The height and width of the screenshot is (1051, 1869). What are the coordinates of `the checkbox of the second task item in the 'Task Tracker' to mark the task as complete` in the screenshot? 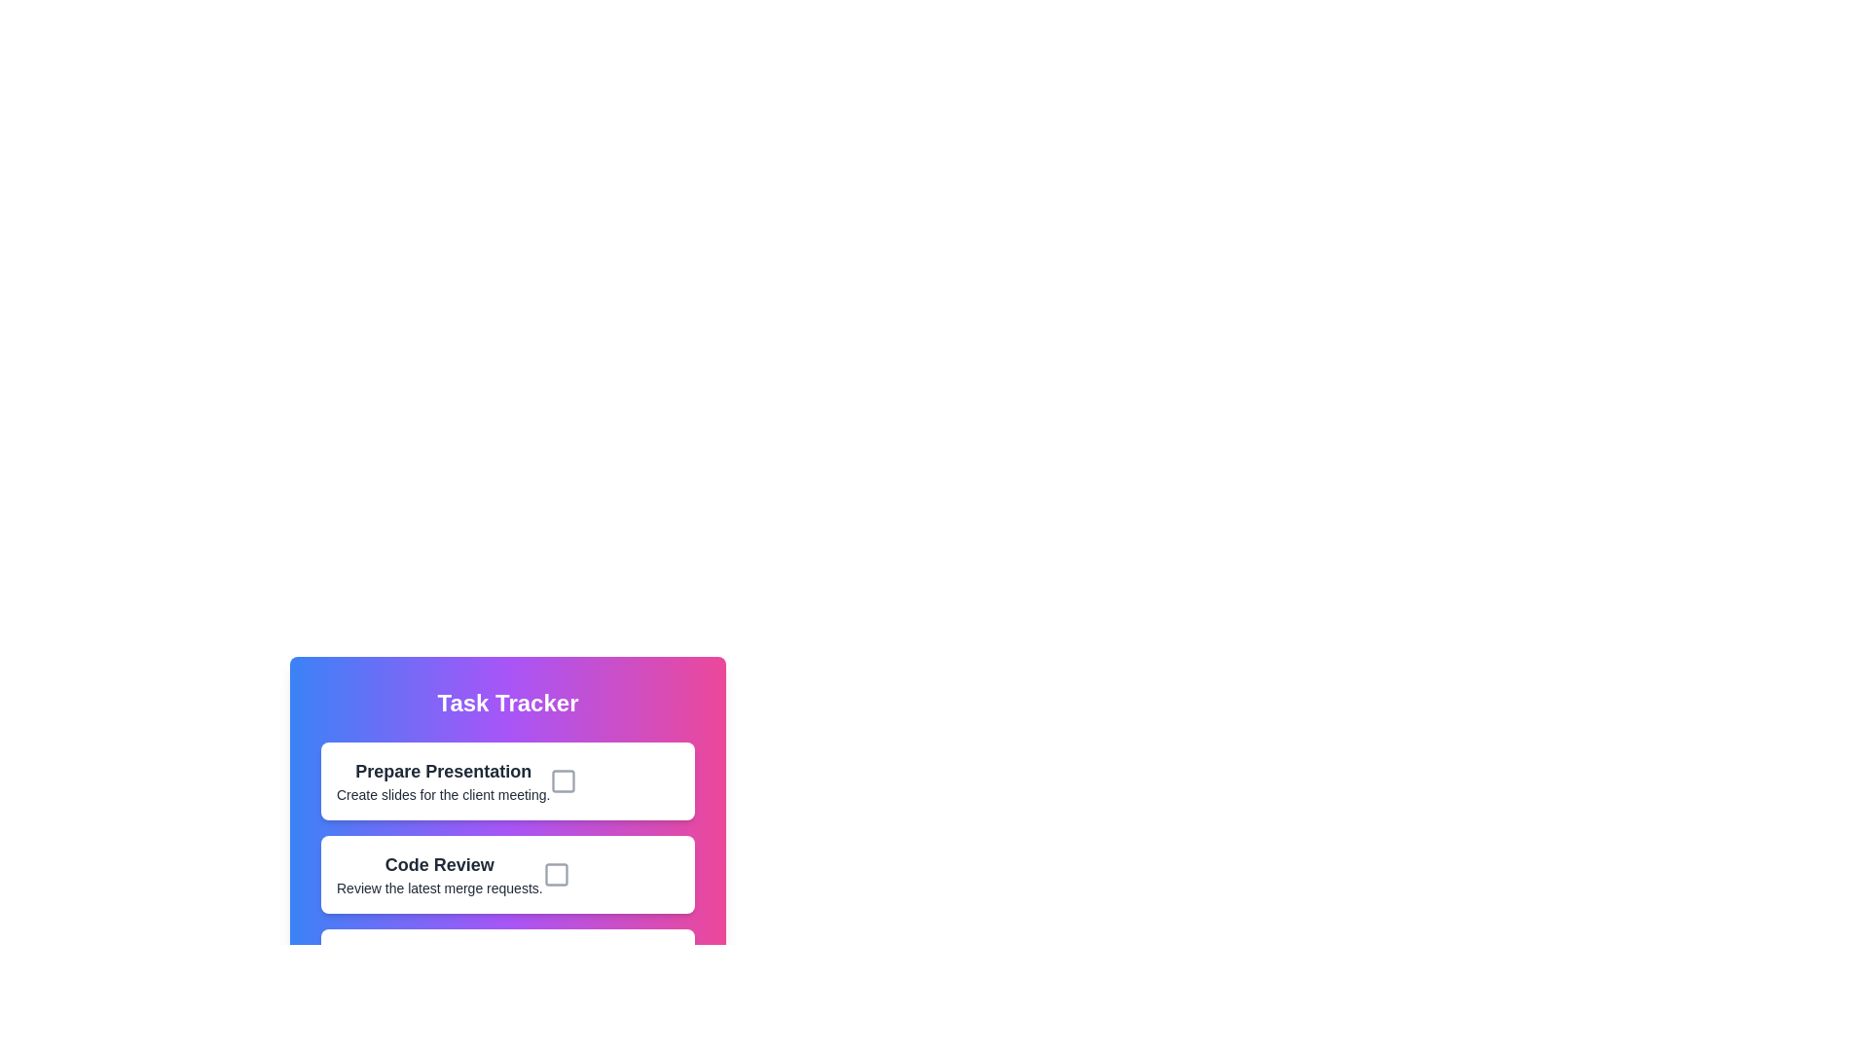 It's located at (508, 873).